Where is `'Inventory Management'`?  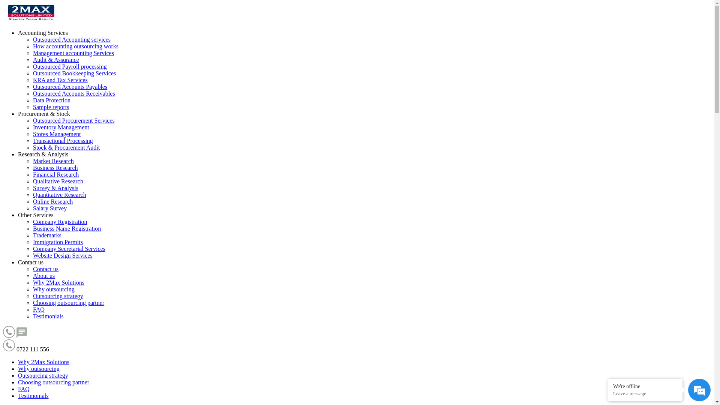
'Inventory Management' is located at coordinates (61, 127).